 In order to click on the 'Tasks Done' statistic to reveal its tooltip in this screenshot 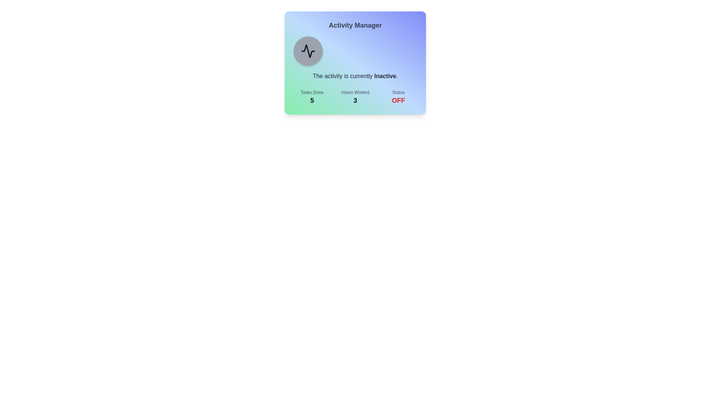, I will do `click(312, 97)`.